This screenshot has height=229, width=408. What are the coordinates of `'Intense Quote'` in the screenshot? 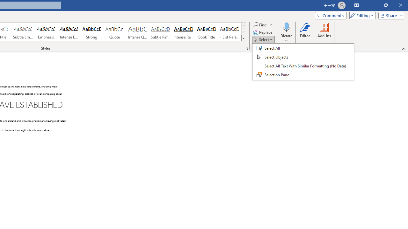 It's located at (137, 32).